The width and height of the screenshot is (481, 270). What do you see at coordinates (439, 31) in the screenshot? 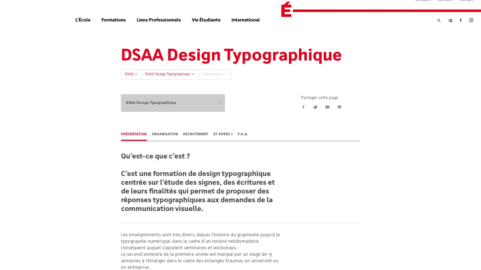
I see `Rechercher` at bounding box center [439, 31].